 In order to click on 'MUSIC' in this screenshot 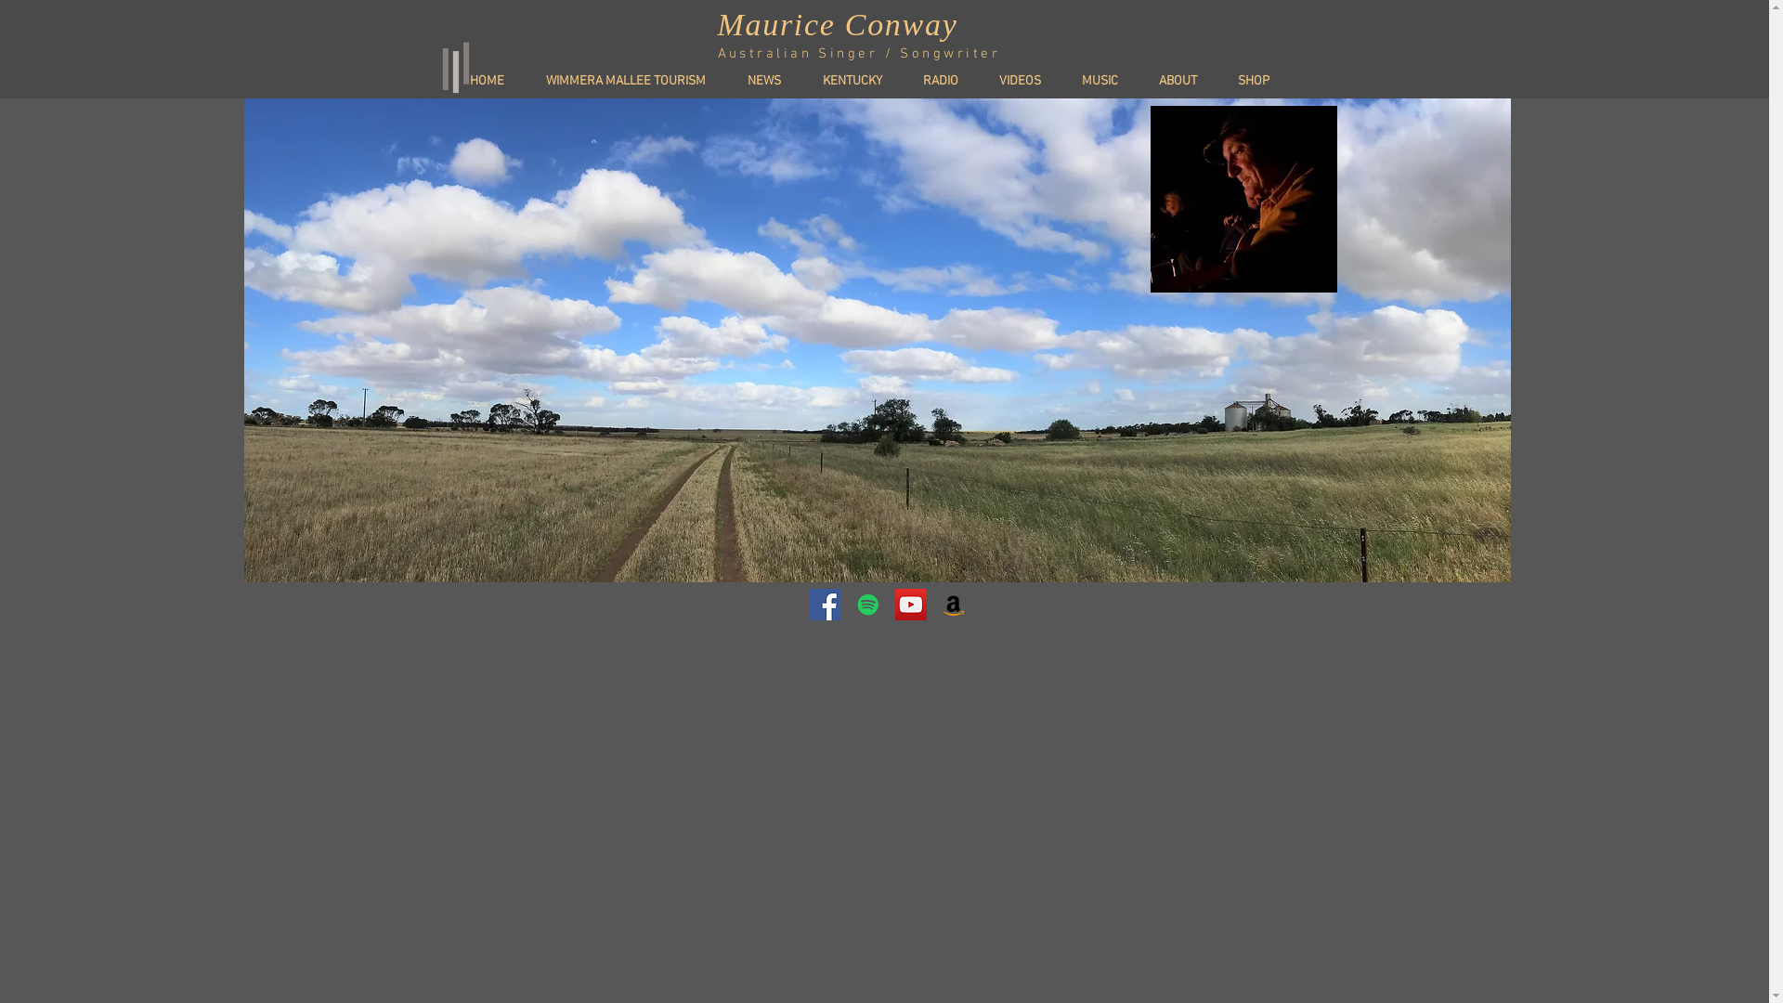, I will do `click(1070, 81)`.